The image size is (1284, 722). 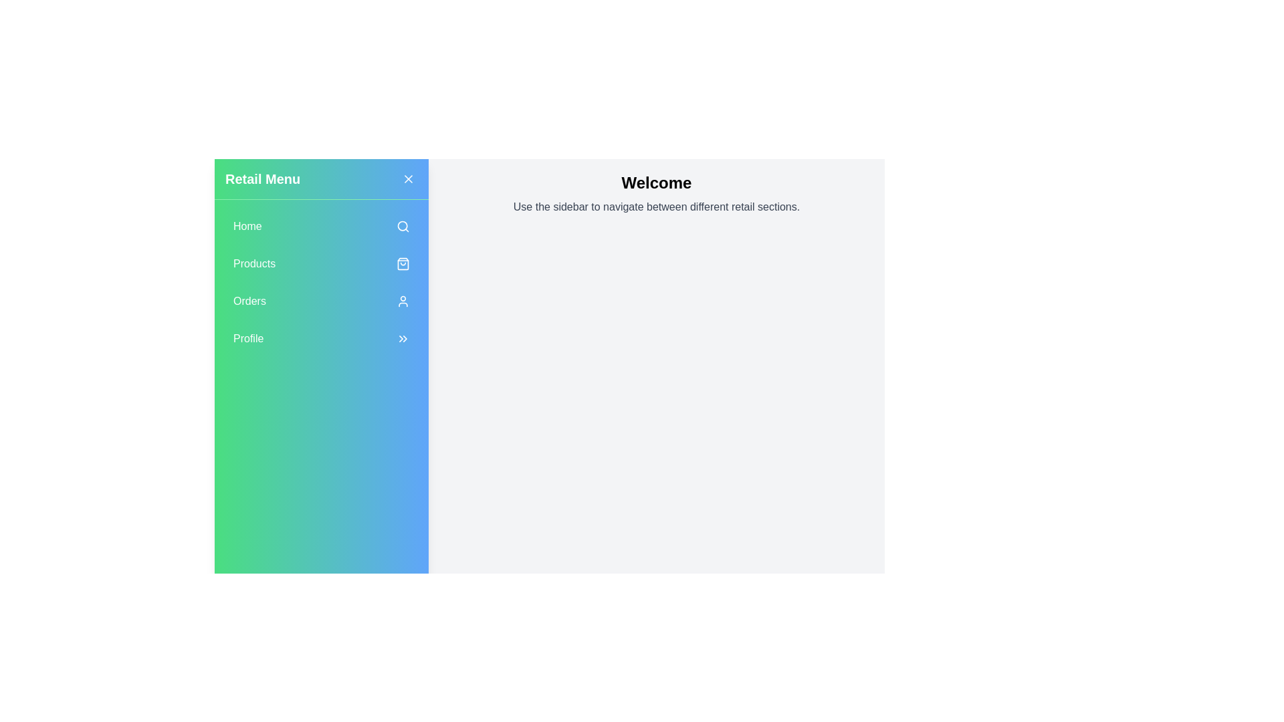 What do you see at coordinates (321, 338) in the screenshot?
I see `the 'Profile' button located in the sidebar navigation menu` at bounding box center [321, 338].